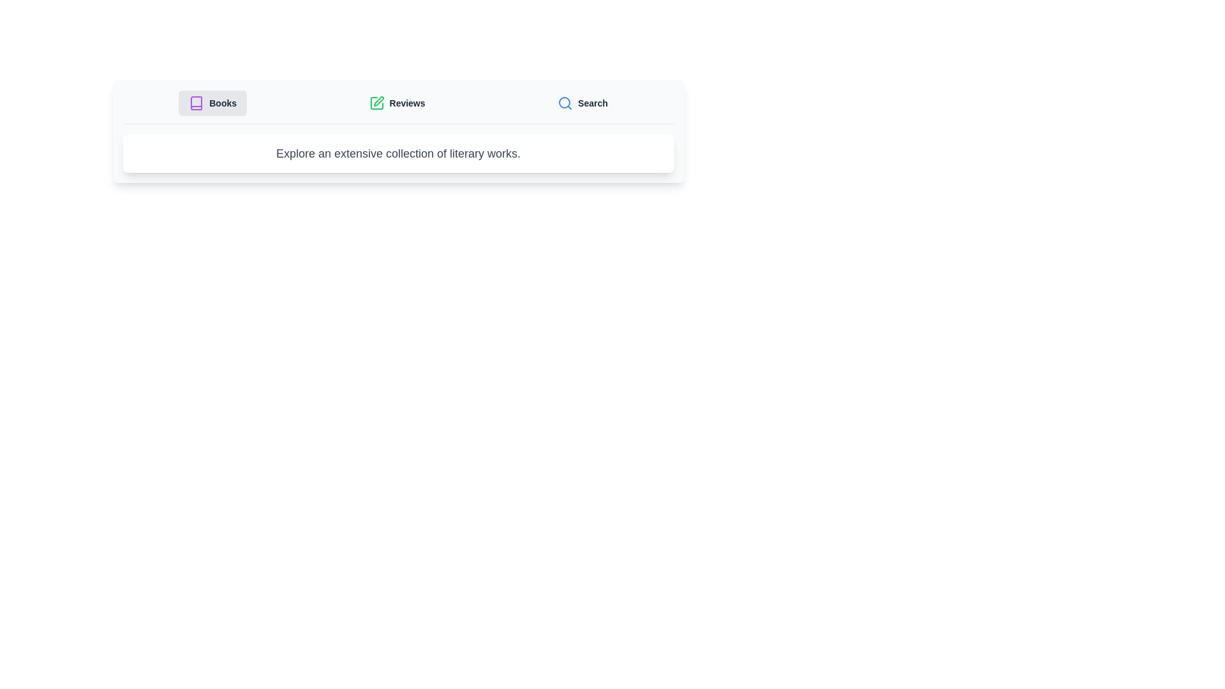 The image size is (1225, 689). What do you see at coordinates (212, 103) in the screenshot?
I see `the tab labeled Books to observe its hover effect` at bounding box center [212, 103].